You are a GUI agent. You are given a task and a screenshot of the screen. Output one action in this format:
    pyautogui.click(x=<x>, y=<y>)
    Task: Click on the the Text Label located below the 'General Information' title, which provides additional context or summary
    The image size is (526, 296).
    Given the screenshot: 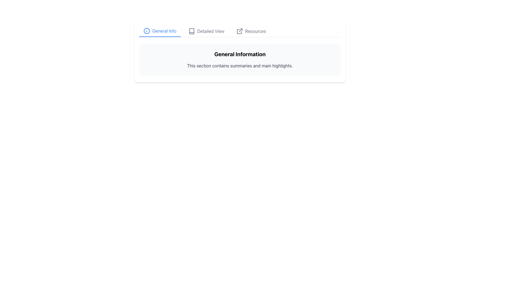 What is the action you would take?
    pyautogui.click(x=240, y=65)
    